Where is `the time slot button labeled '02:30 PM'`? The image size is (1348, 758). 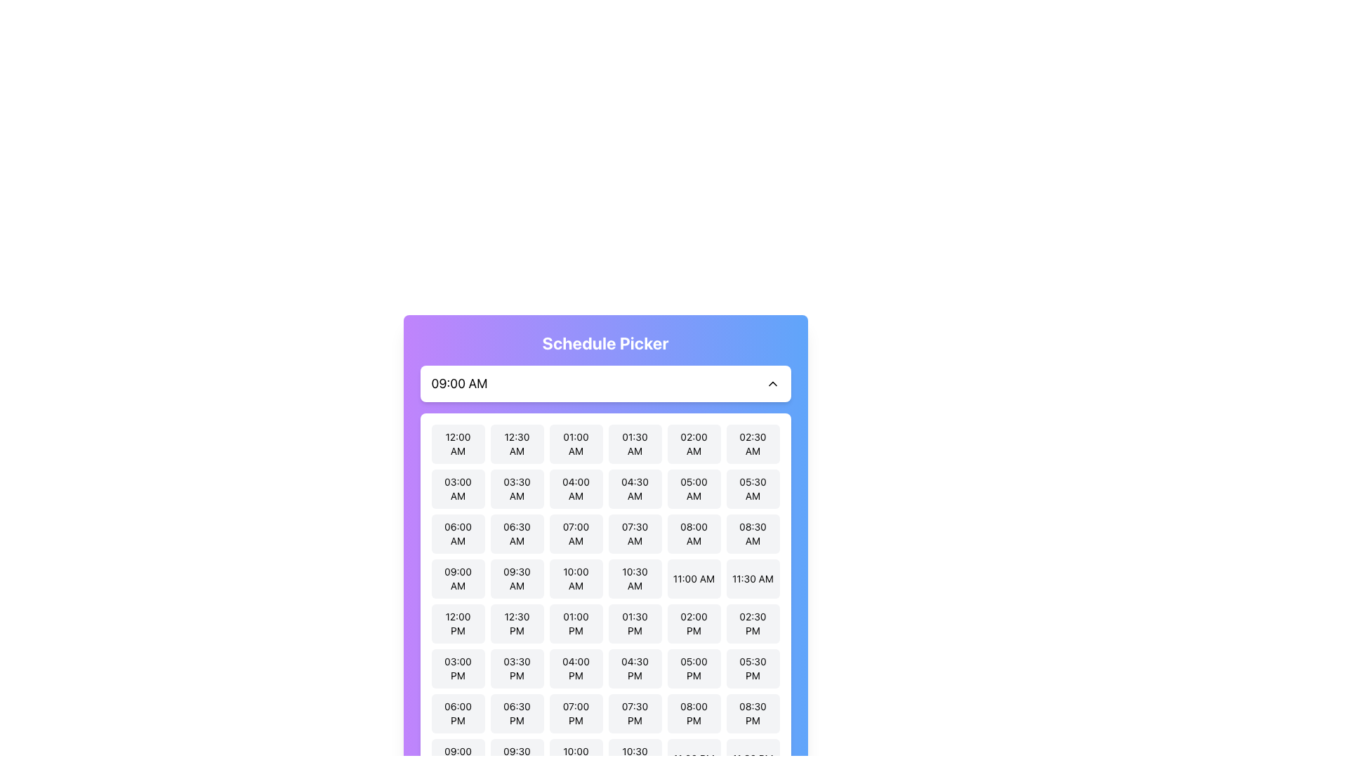
the time slot button labeled '02:30 PM' is located at coordinates (752, 623).